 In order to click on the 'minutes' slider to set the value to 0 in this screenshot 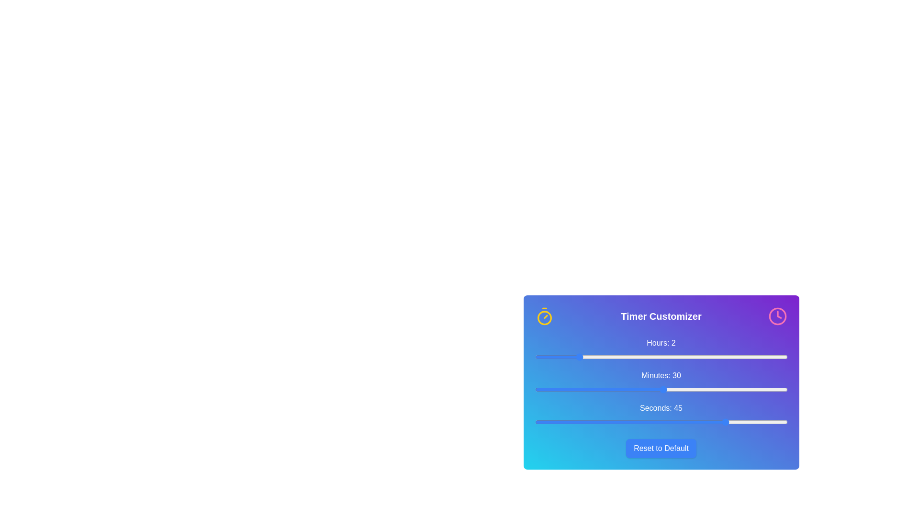, I will do `click(534, 389)`.